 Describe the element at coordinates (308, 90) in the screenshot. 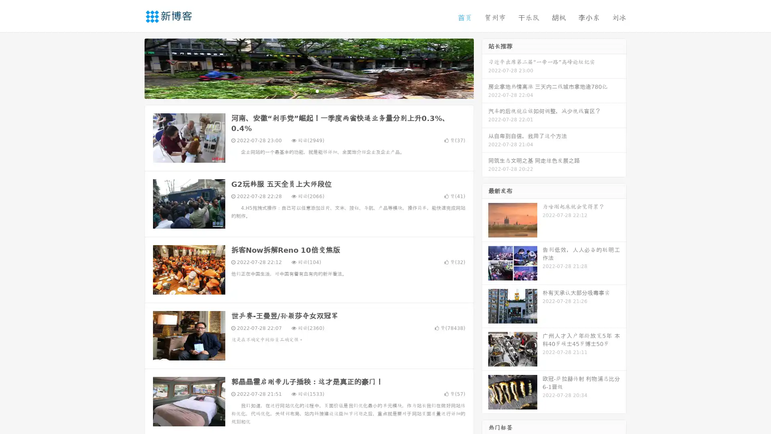

I see `Go to slide 2` at that location.